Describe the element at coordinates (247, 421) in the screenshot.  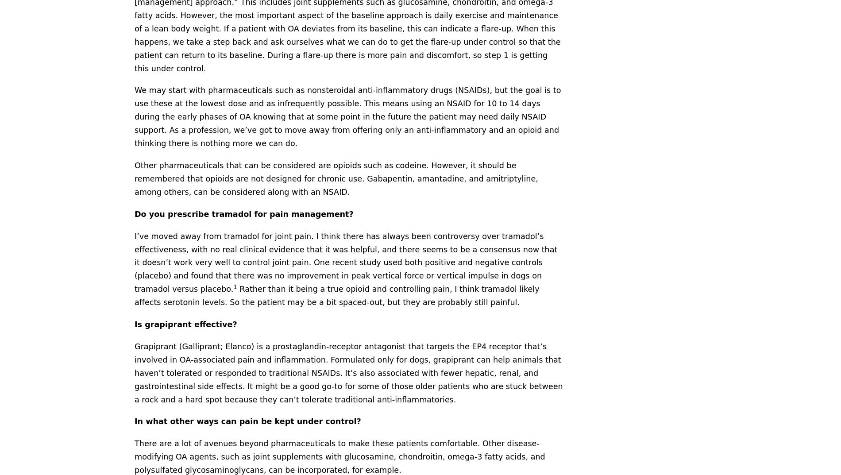
I see `'In what other ways can pain be kept under control?'` at that location.